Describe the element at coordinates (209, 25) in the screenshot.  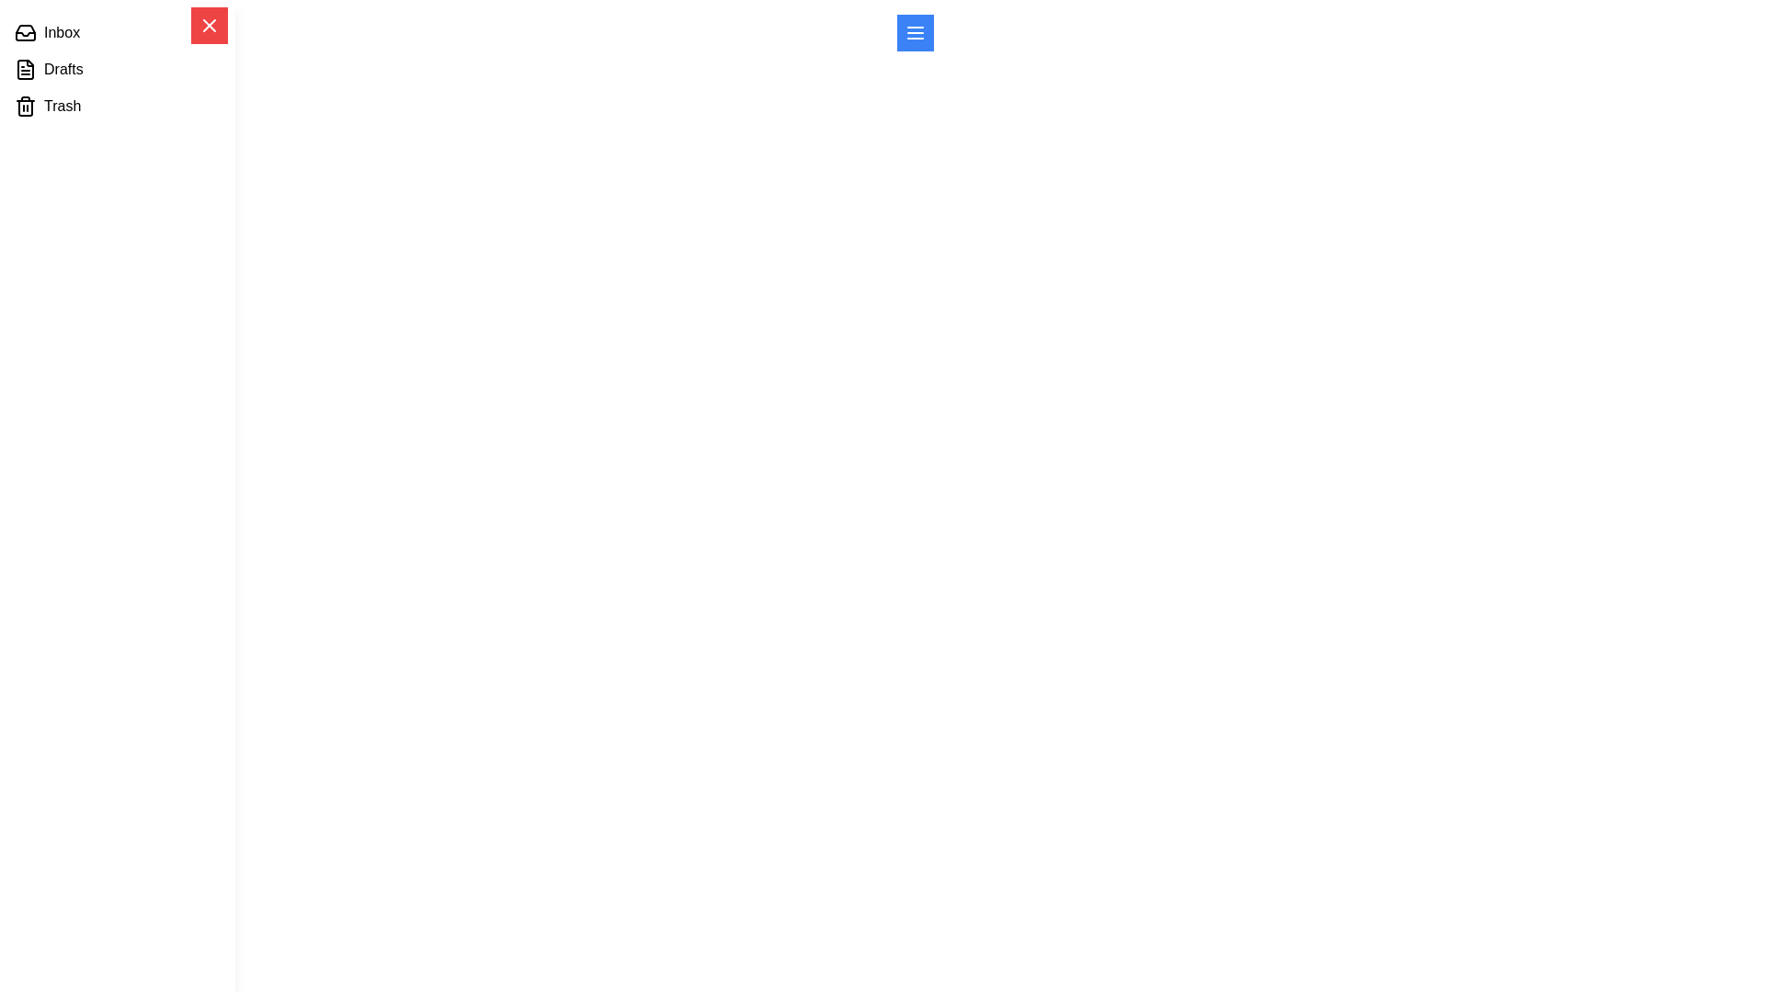
I see `close button to close the drawer` at that location.